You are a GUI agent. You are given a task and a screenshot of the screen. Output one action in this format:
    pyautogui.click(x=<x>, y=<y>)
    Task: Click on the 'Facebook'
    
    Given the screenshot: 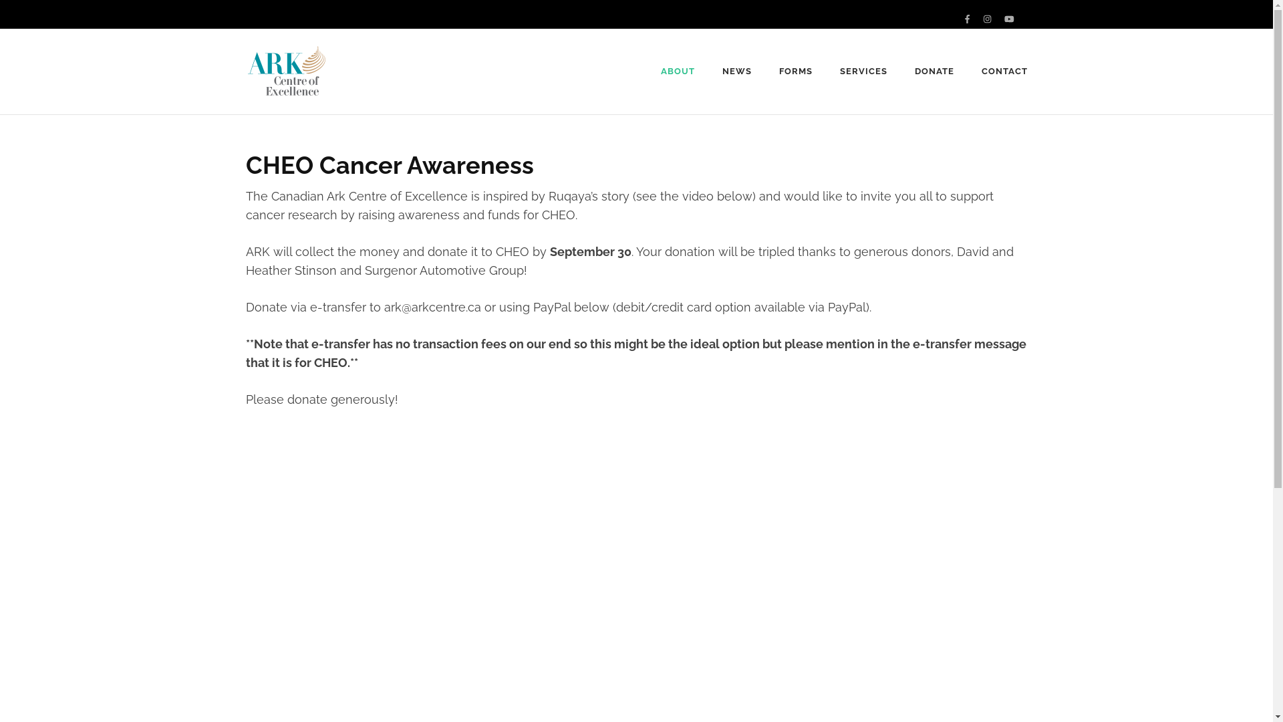 What is the action you would take?
    pyautogui.click(x=965, y=19)
    